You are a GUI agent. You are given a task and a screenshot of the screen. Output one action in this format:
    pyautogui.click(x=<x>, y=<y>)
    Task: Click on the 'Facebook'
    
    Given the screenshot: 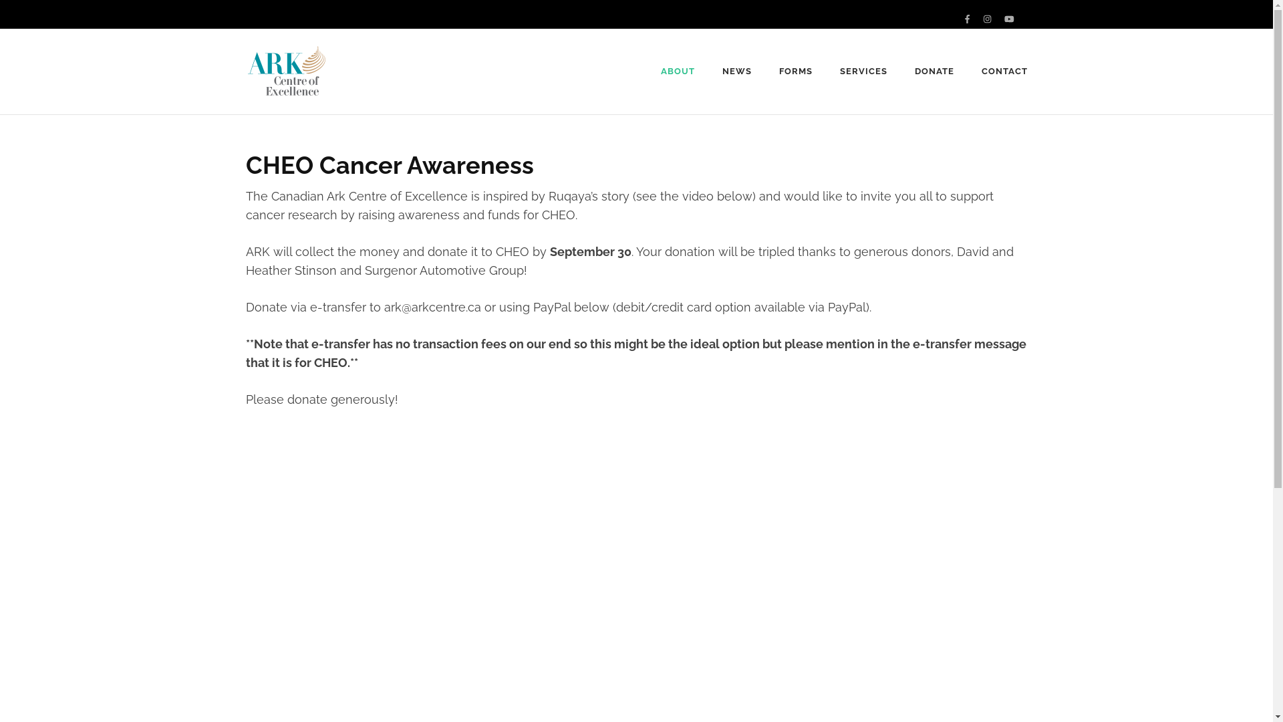 What is the action you would take?
    pyautogui.click(x=965, y=19)
    